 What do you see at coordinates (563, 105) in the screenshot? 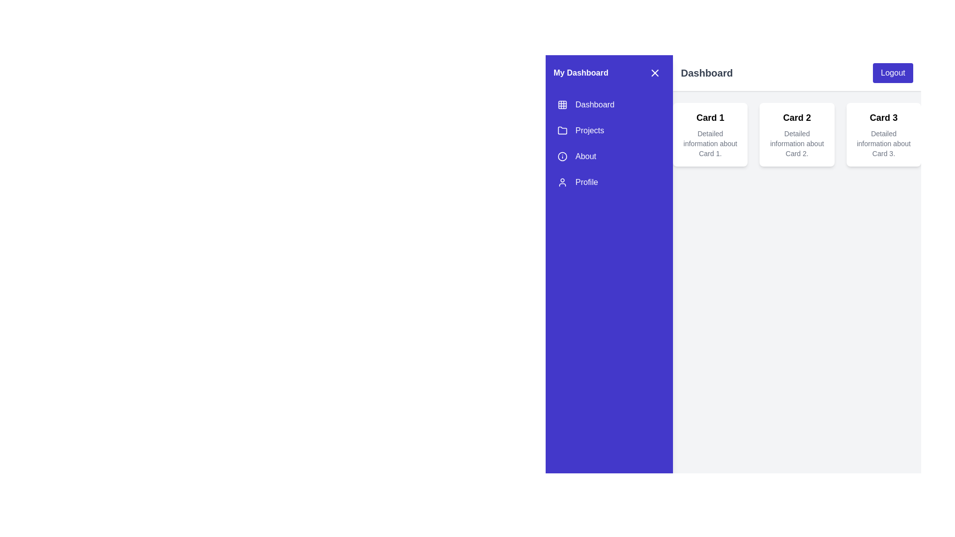
I see `the icon in the sidebar labeled 'Dashboard' that has a grid design with three rows and three columns, featuring a white background and a purple outline` at bounding box center [563, 105].